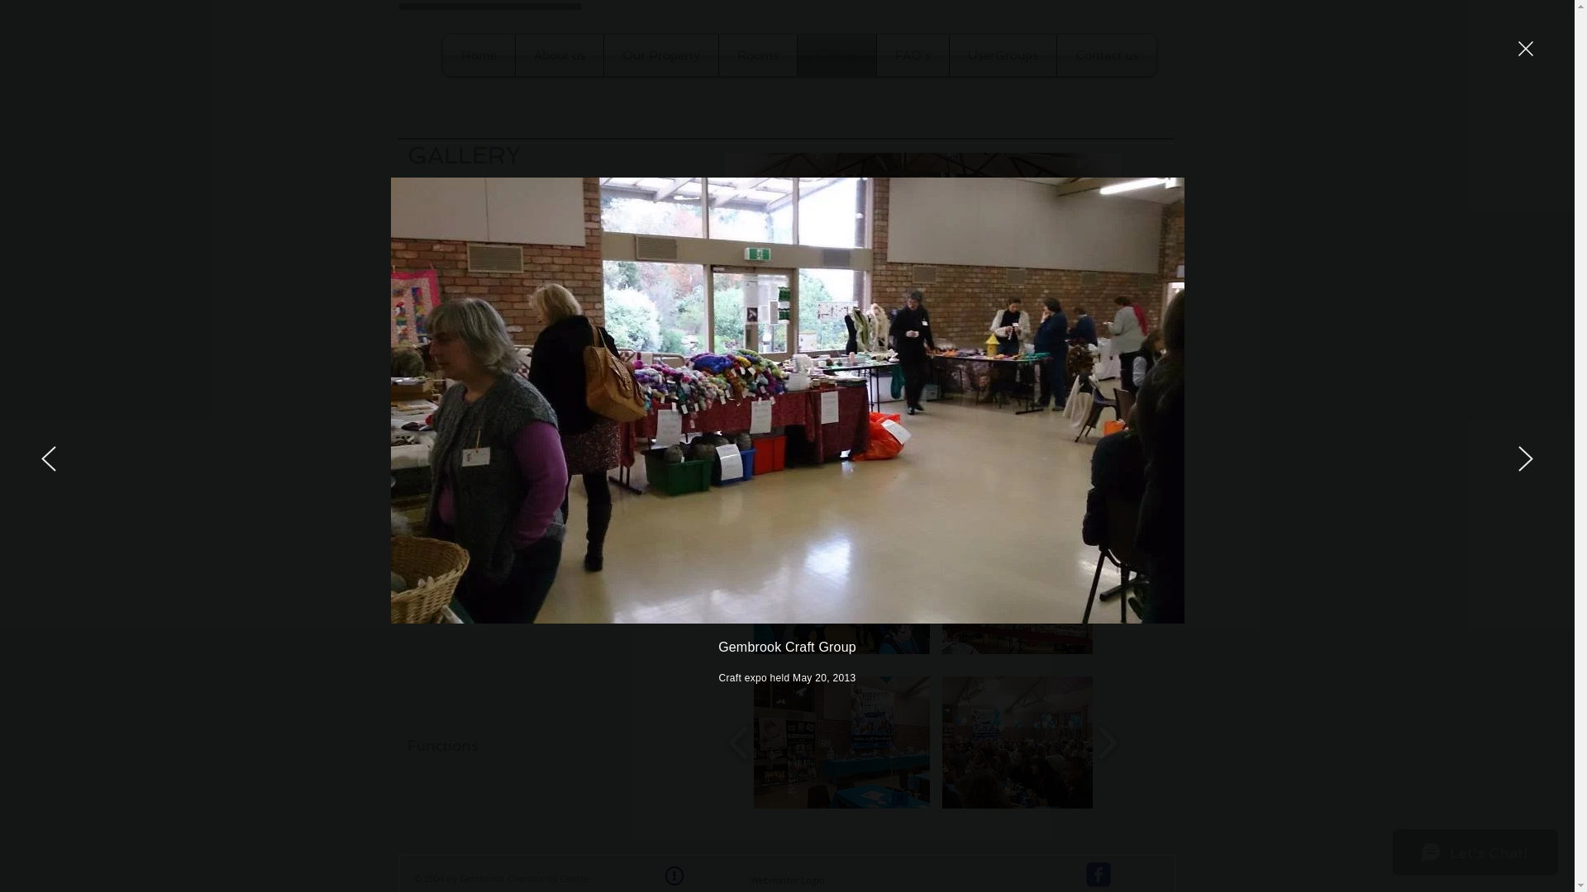 The width and height of the screenshot is (1587, 892). I want to click on 'Webmaster Login', so click(786, 879).